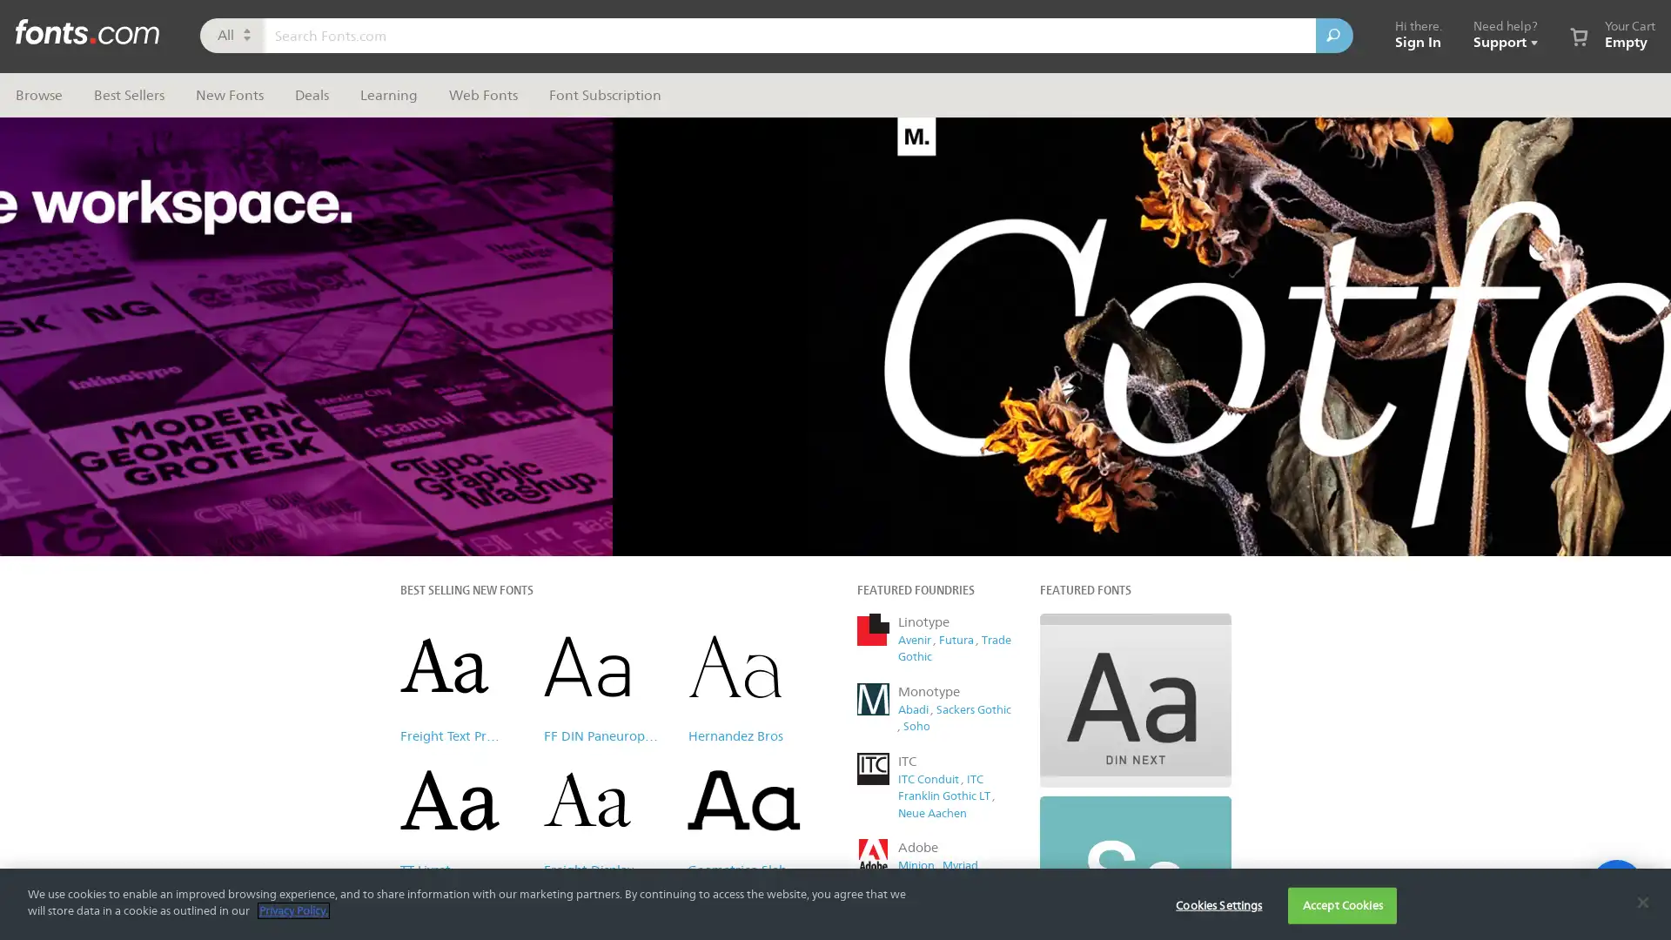  What do you see at coordinates (1341, 904) in the screenshot?
I see `Accept Cookies` at bounding box center [1341, 904].